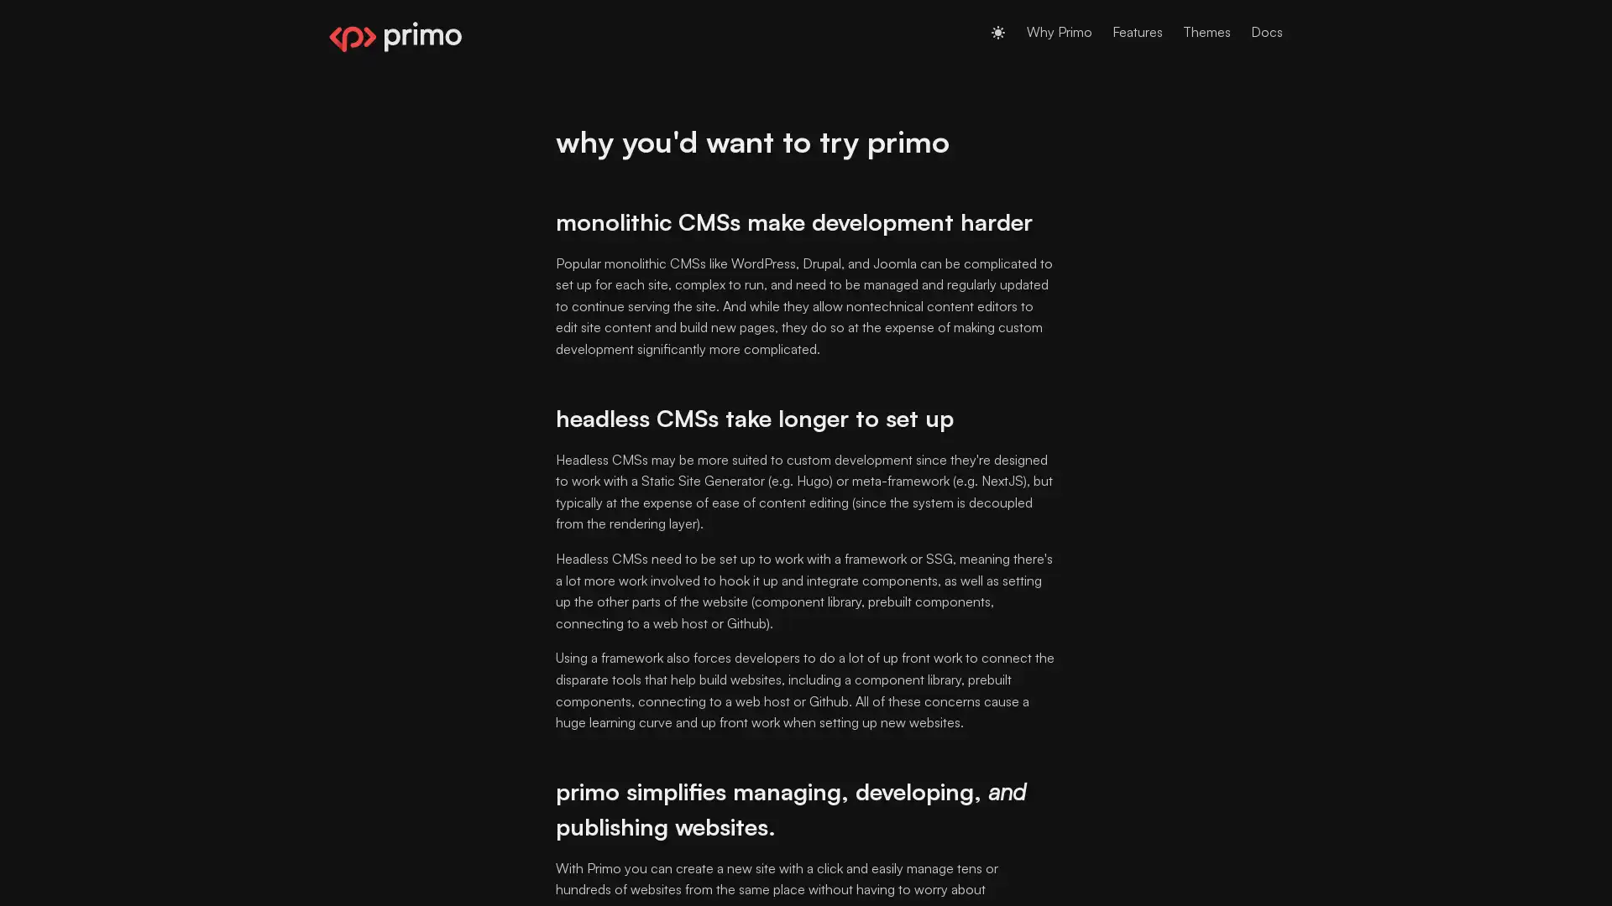  Describe the element at coordinates (998, 32) in the screenshot. I see `Toggle dark mode` at that location.